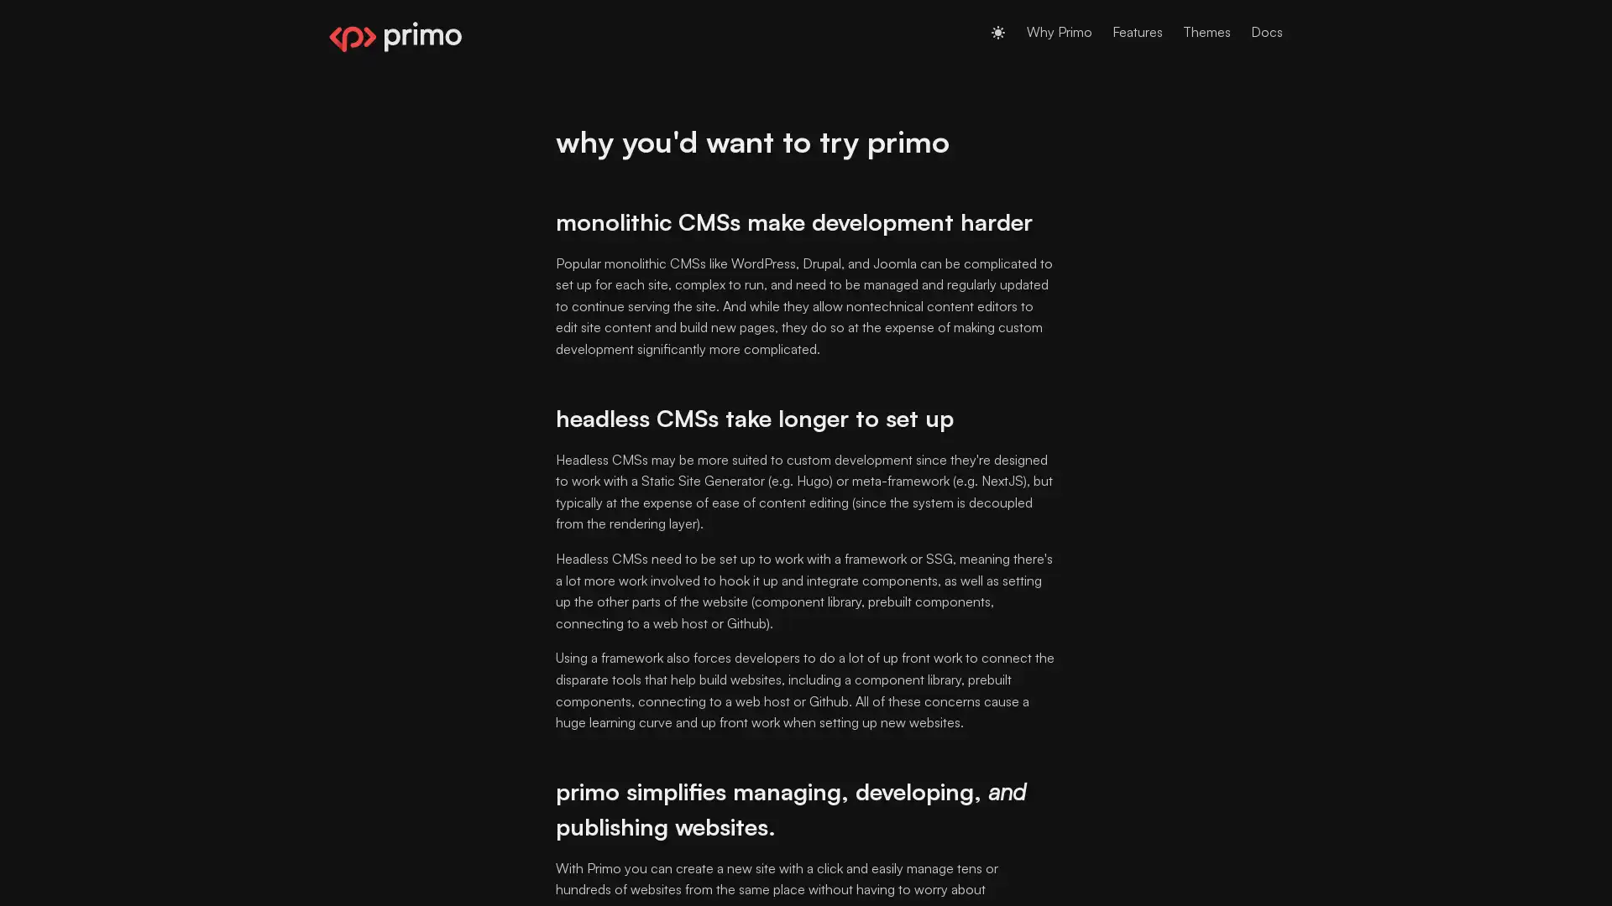  Describe the element at coordinates (998, 32) in the screenshot. I see `Toggle dark mode` at that location.